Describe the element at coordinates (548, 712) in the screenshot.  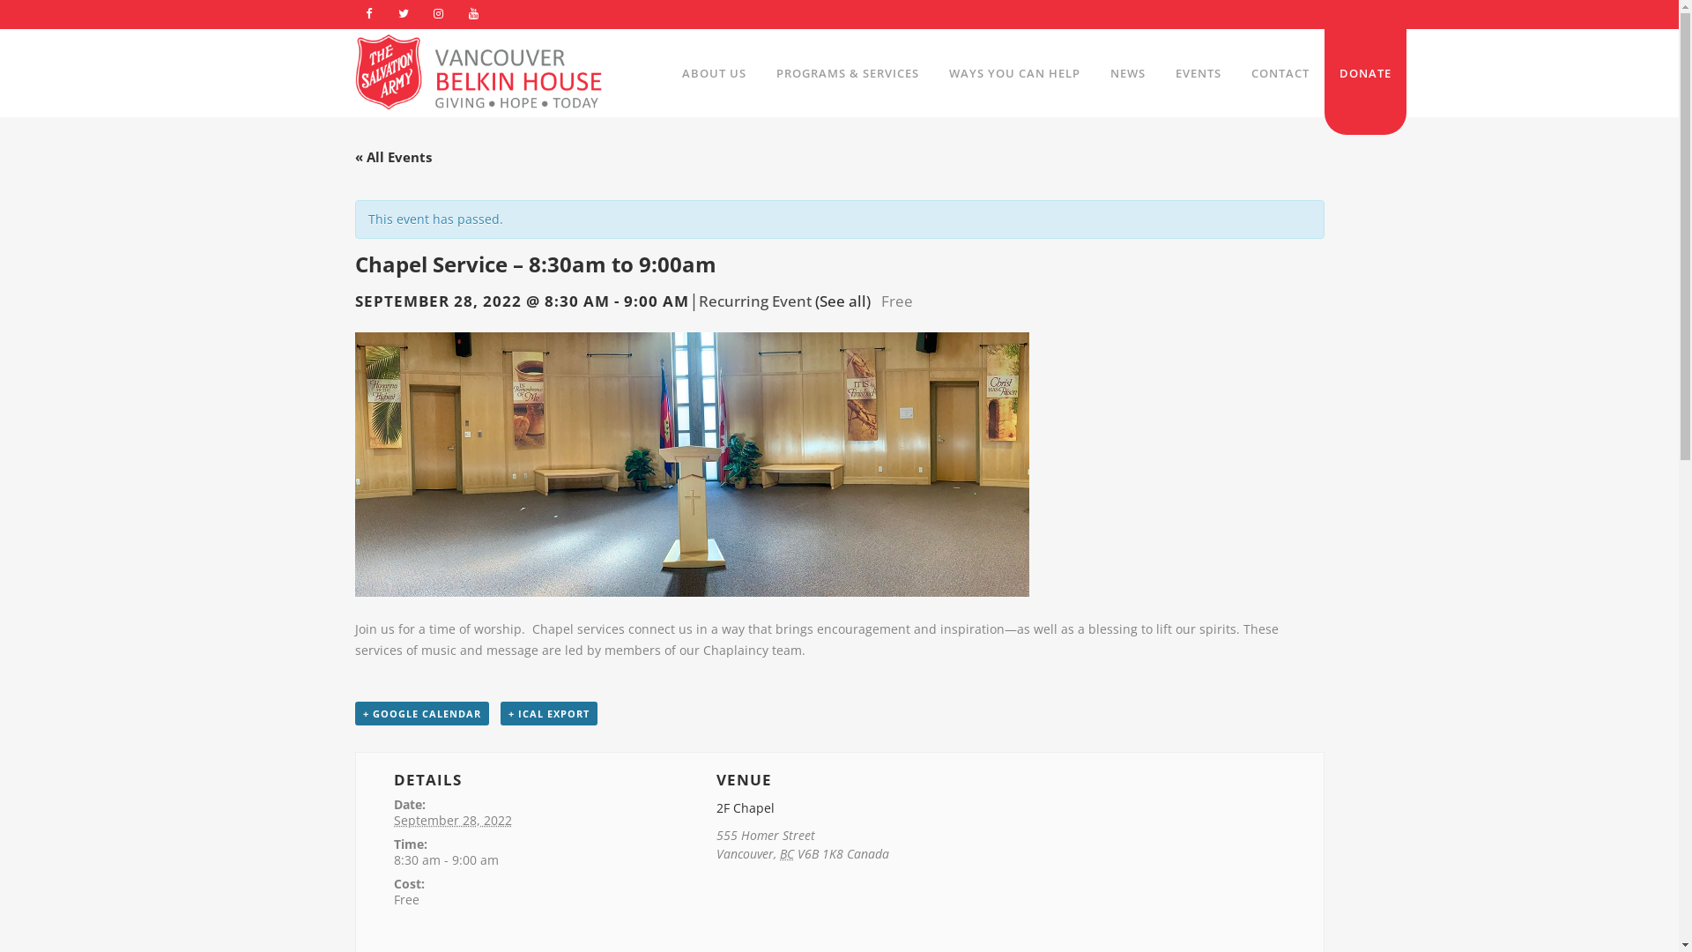
I see `'+ ICAL EXPORT'` at that location.